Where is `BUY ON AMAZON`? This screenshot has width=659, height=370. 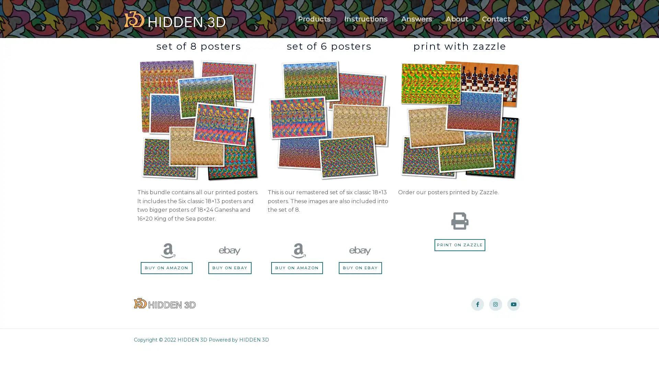
BUY ON AMAZON is located at coordinates (168, 268).